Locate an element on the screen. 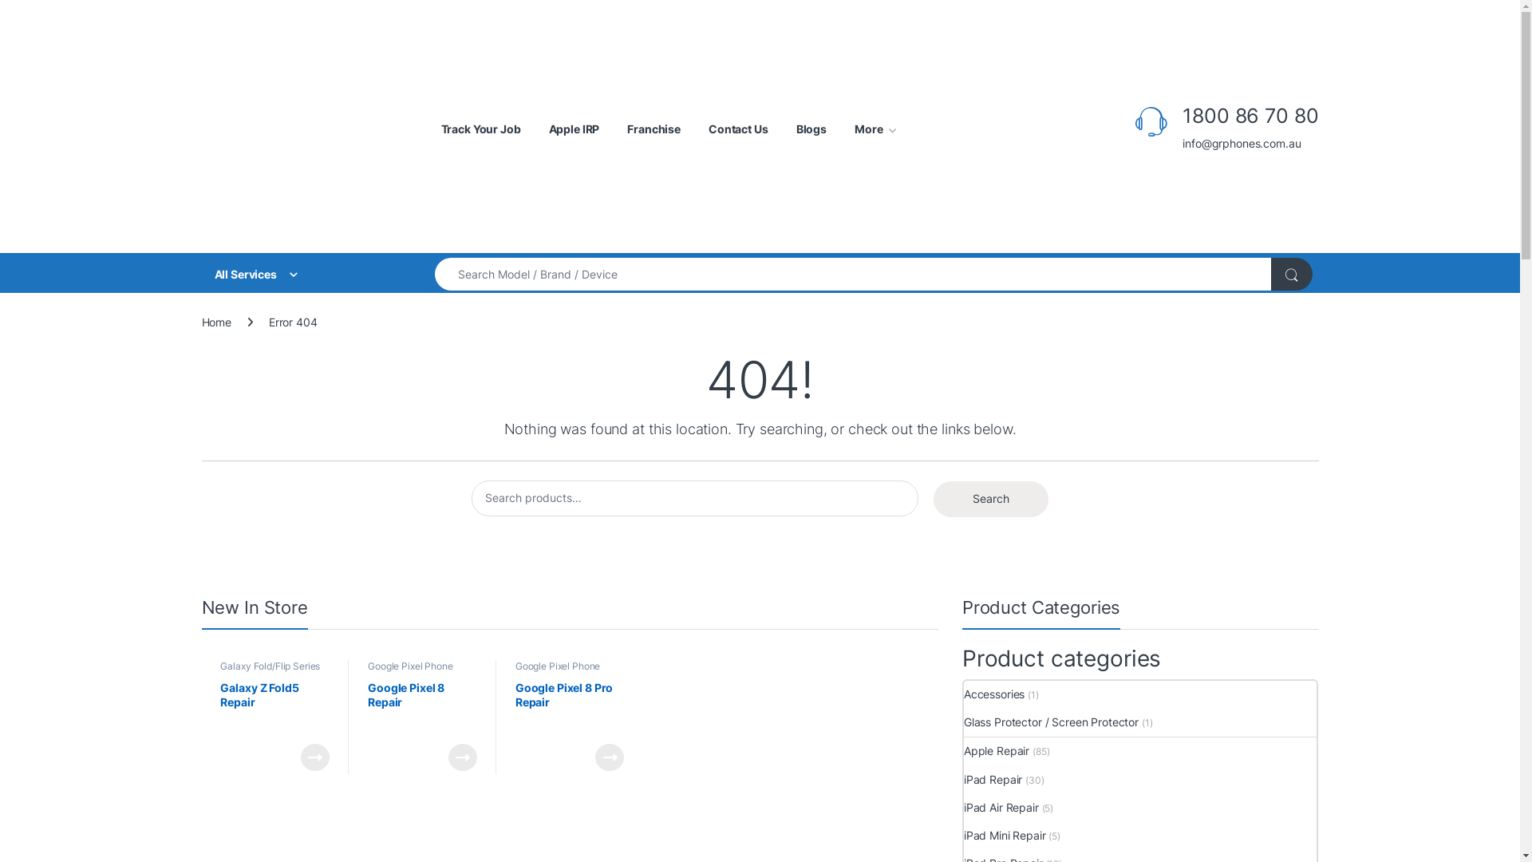 Image resolution: width=1532 pixels, height=862 pixels. 'iPad Repair' is located at coordinates (992, 778).